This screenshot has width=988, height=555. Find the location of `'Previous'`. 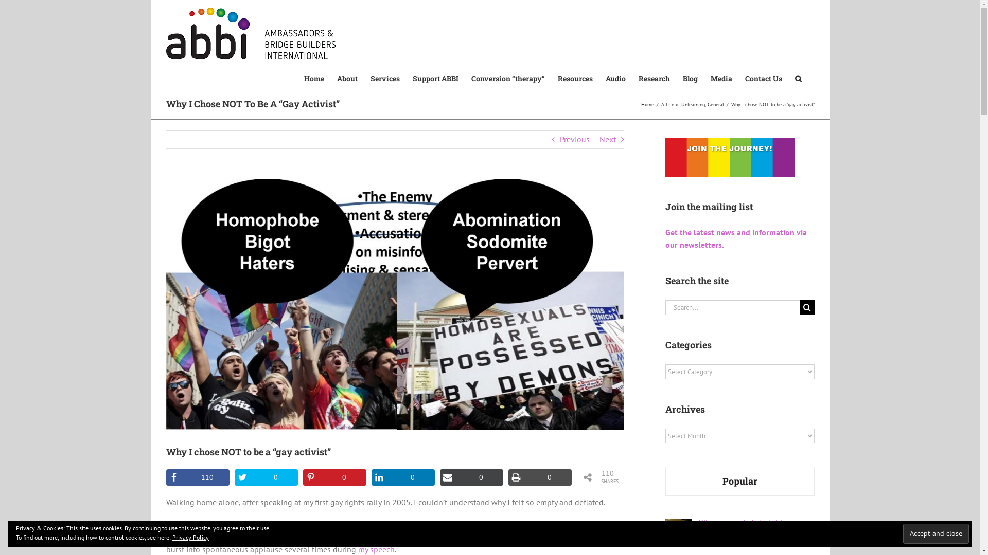

'Previous' is located at coordinates (574, 139).